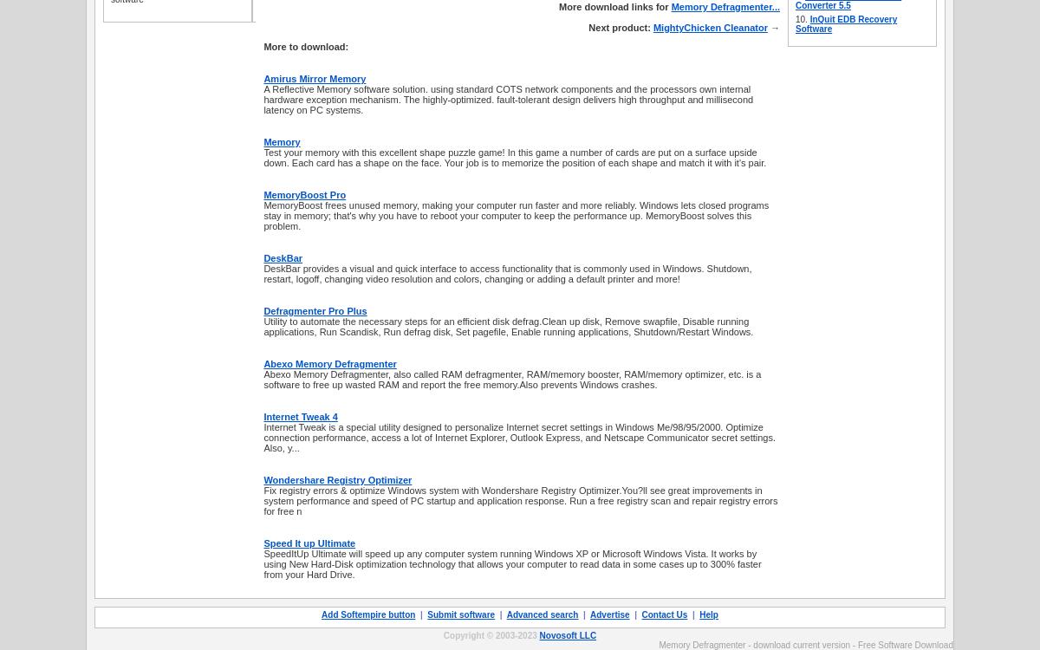 The image size is (1040, 650). What do you see at coordinates (514, 158) in the screenshot?
I see `'Test your memory with this excellent shape puzzle game!  In this game a number of cards are put on a surface upside down.  Each card has a shape on the face.  Your job is to memorize the position of each shape and match it with it's pair.'` at bounding box center [514, 158].